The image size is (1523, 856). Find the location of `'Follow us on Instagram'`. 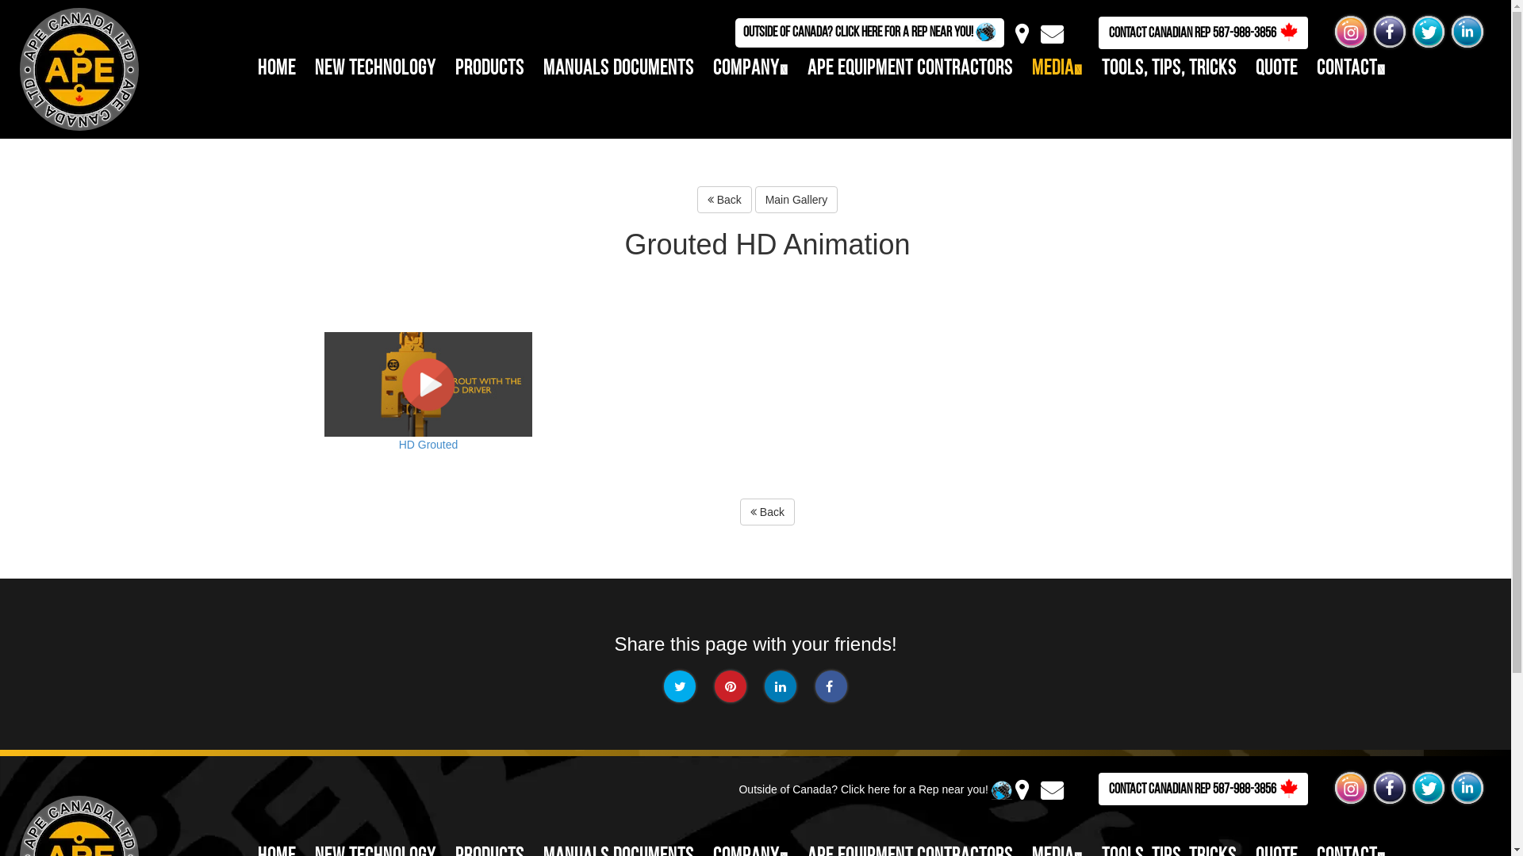

'Follow us on Instagram' is located at coordinates (1350, 31).